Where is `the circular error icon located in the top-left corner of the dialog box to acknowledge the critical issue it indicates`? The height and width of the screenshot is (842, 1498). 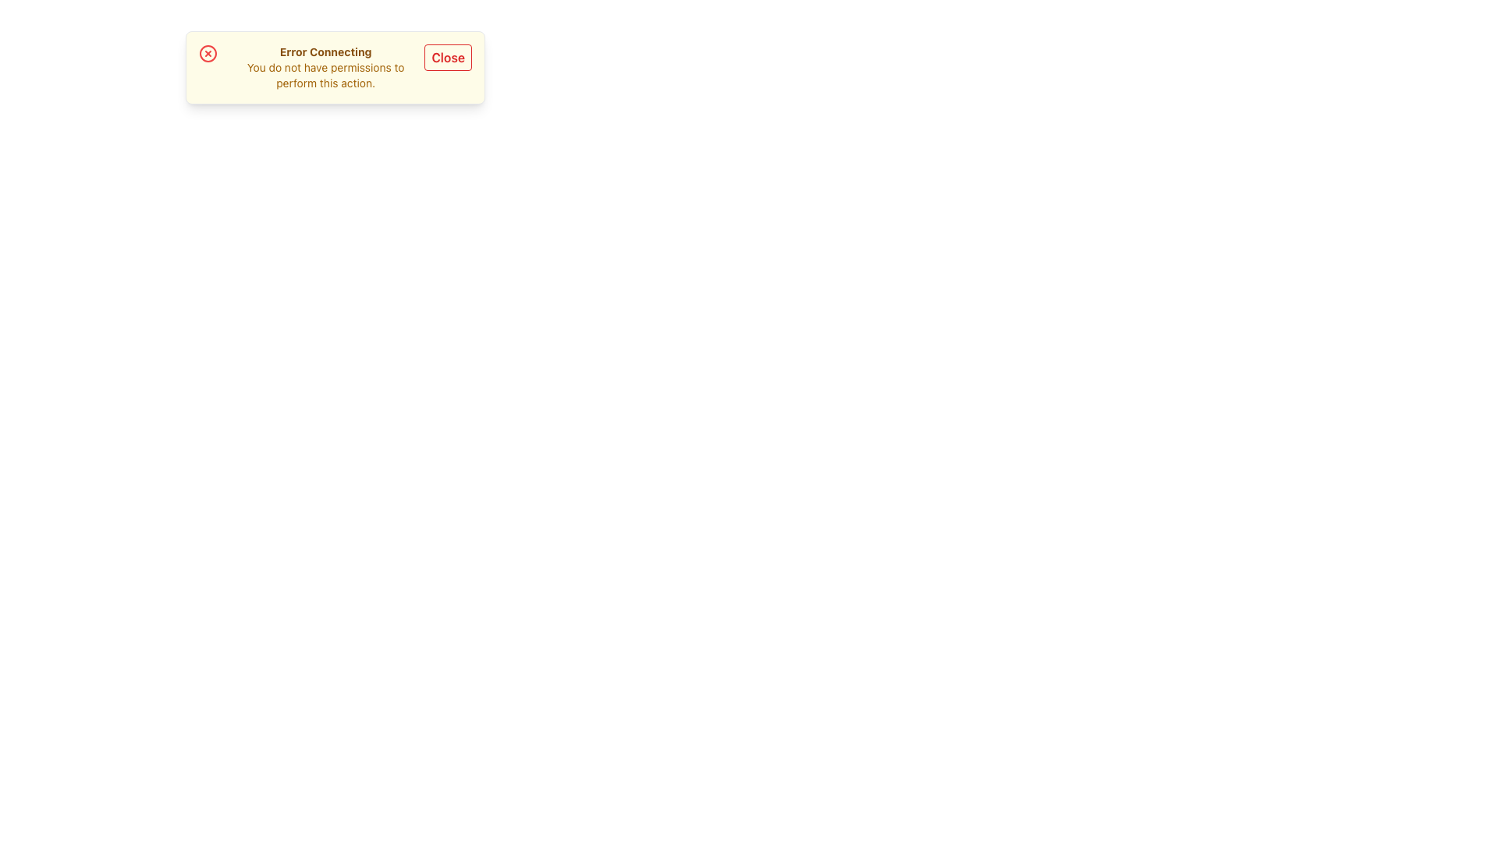 the circular error icon located in the top-left corner of the dialog box to acknowledge the critical issue it indicates is located at coordinates (208, 53).